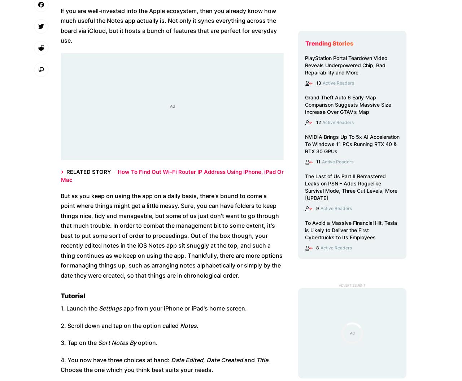  What do you see at coordinates (147, 342) in the screenshot?
I see `'option.'` at bounding box center [147, 342].